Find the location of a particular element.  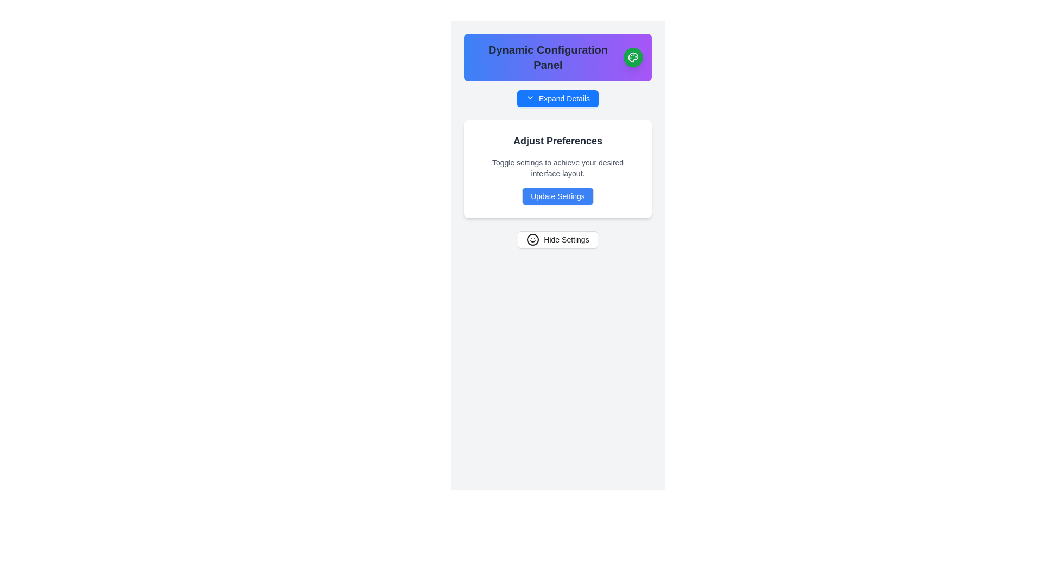

the button that hides the settings panel is located at coordinates (557, 239).